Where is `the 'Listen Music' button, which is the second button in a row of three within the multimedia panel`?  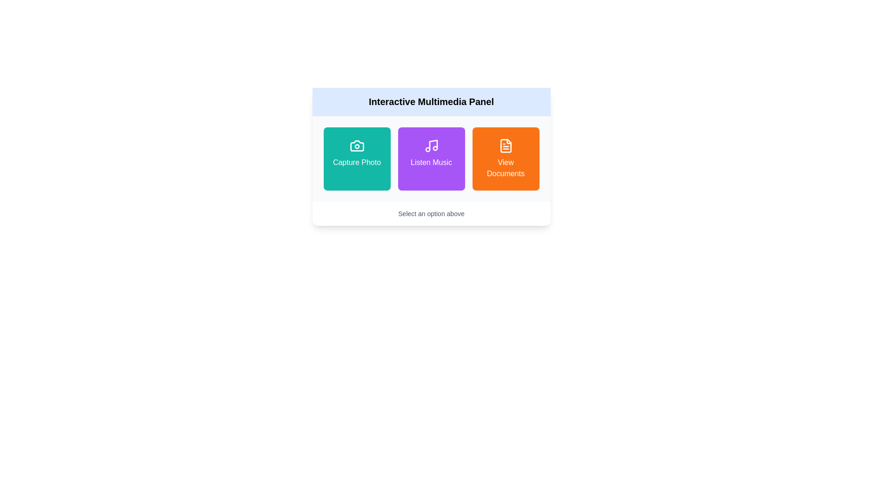 the 'Listen Music' button, which is the second button in a row of three within the multimedia panel is located at coordinates (431, 159).